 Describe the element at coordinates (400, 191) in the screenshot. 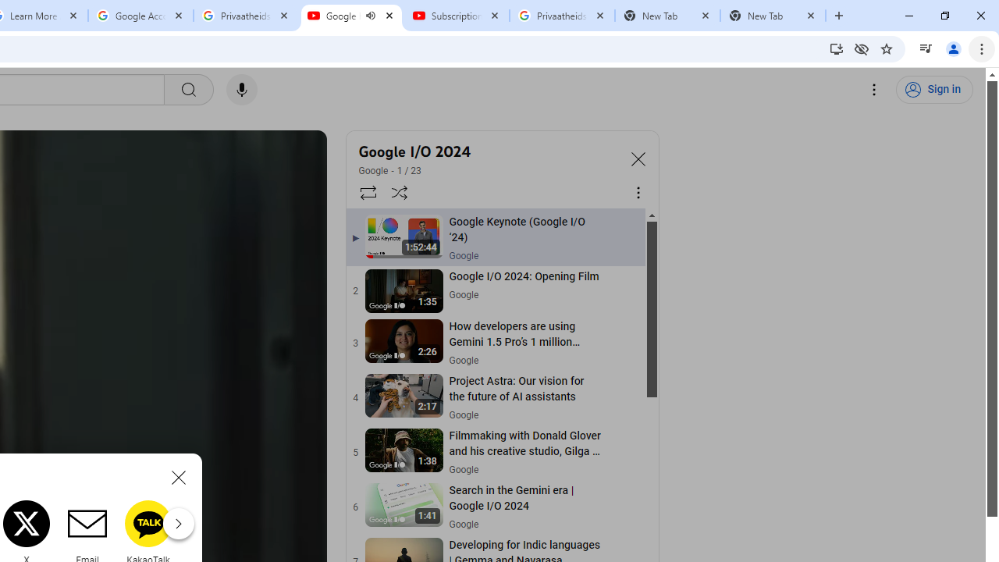

I see `'Shuffle playlist'` at that location.